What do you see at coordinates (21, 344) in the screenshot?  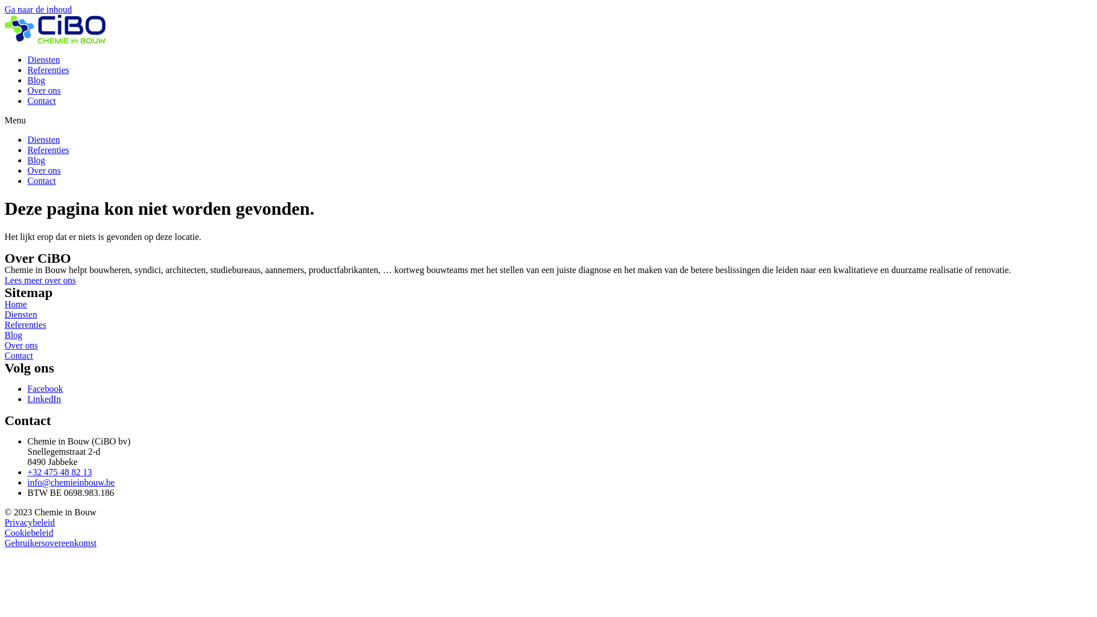 I see `'Over ons'` at bounding box center [21, 344].